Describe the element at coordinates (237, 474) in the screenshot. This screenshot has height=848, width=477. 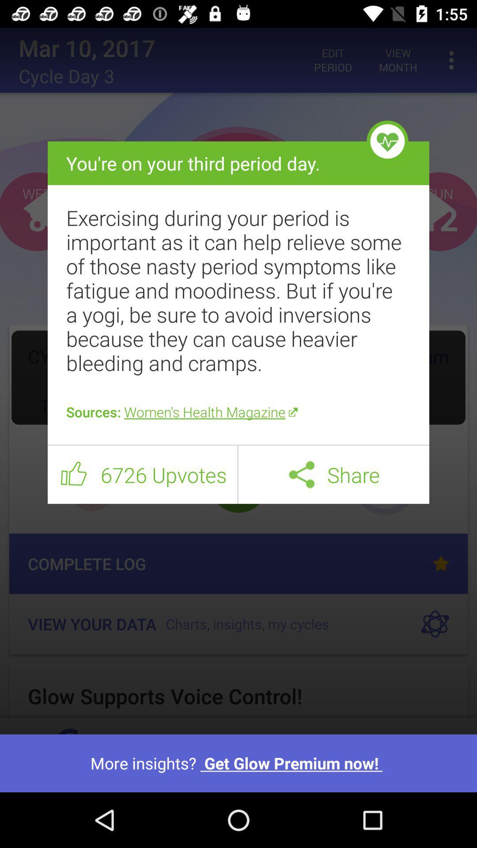
I see `icon to the right of 6726 upvotes item` at that location.